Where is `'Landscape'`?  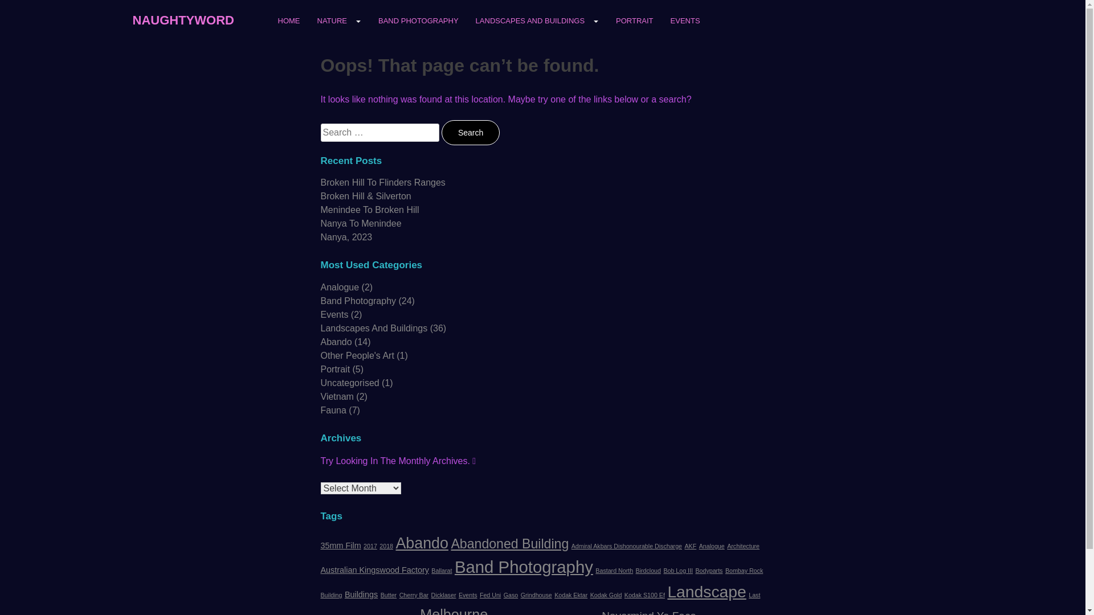
'Landscape' is located at coordinates (705, 591).